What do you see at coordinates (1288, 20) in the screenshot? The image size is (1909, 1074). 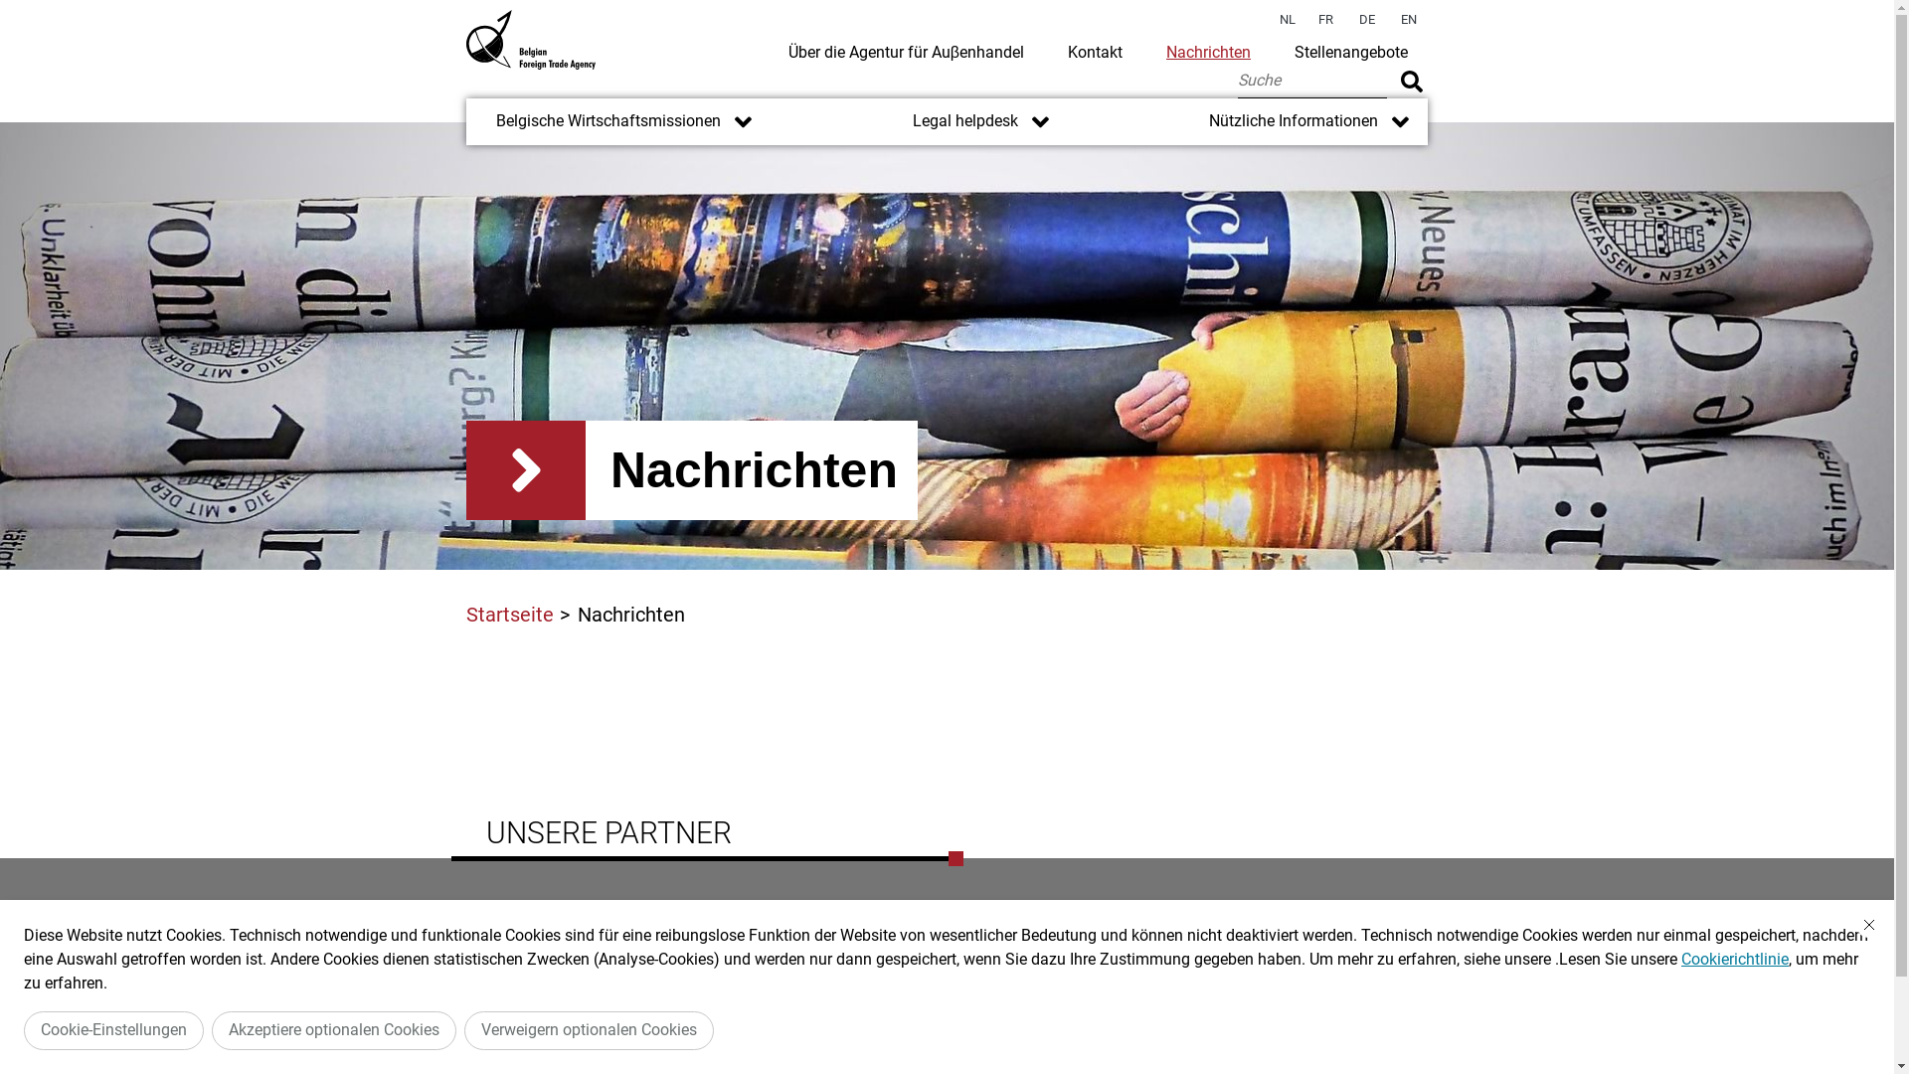 I see `'NL'` at bounding box center [1288, 20].